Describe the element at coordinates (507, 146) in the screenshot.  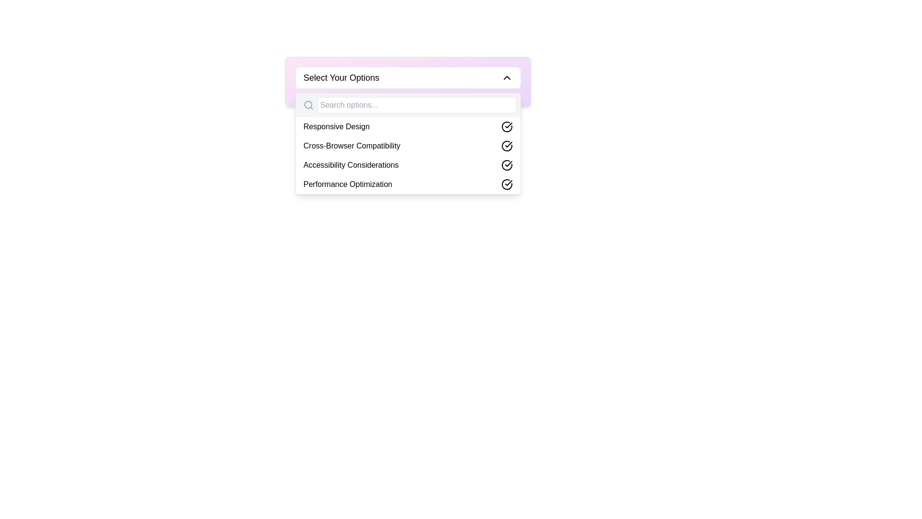
I see `the icon indicating the selected state of the 'Cross-Browser Compatibility' list option` at that location.